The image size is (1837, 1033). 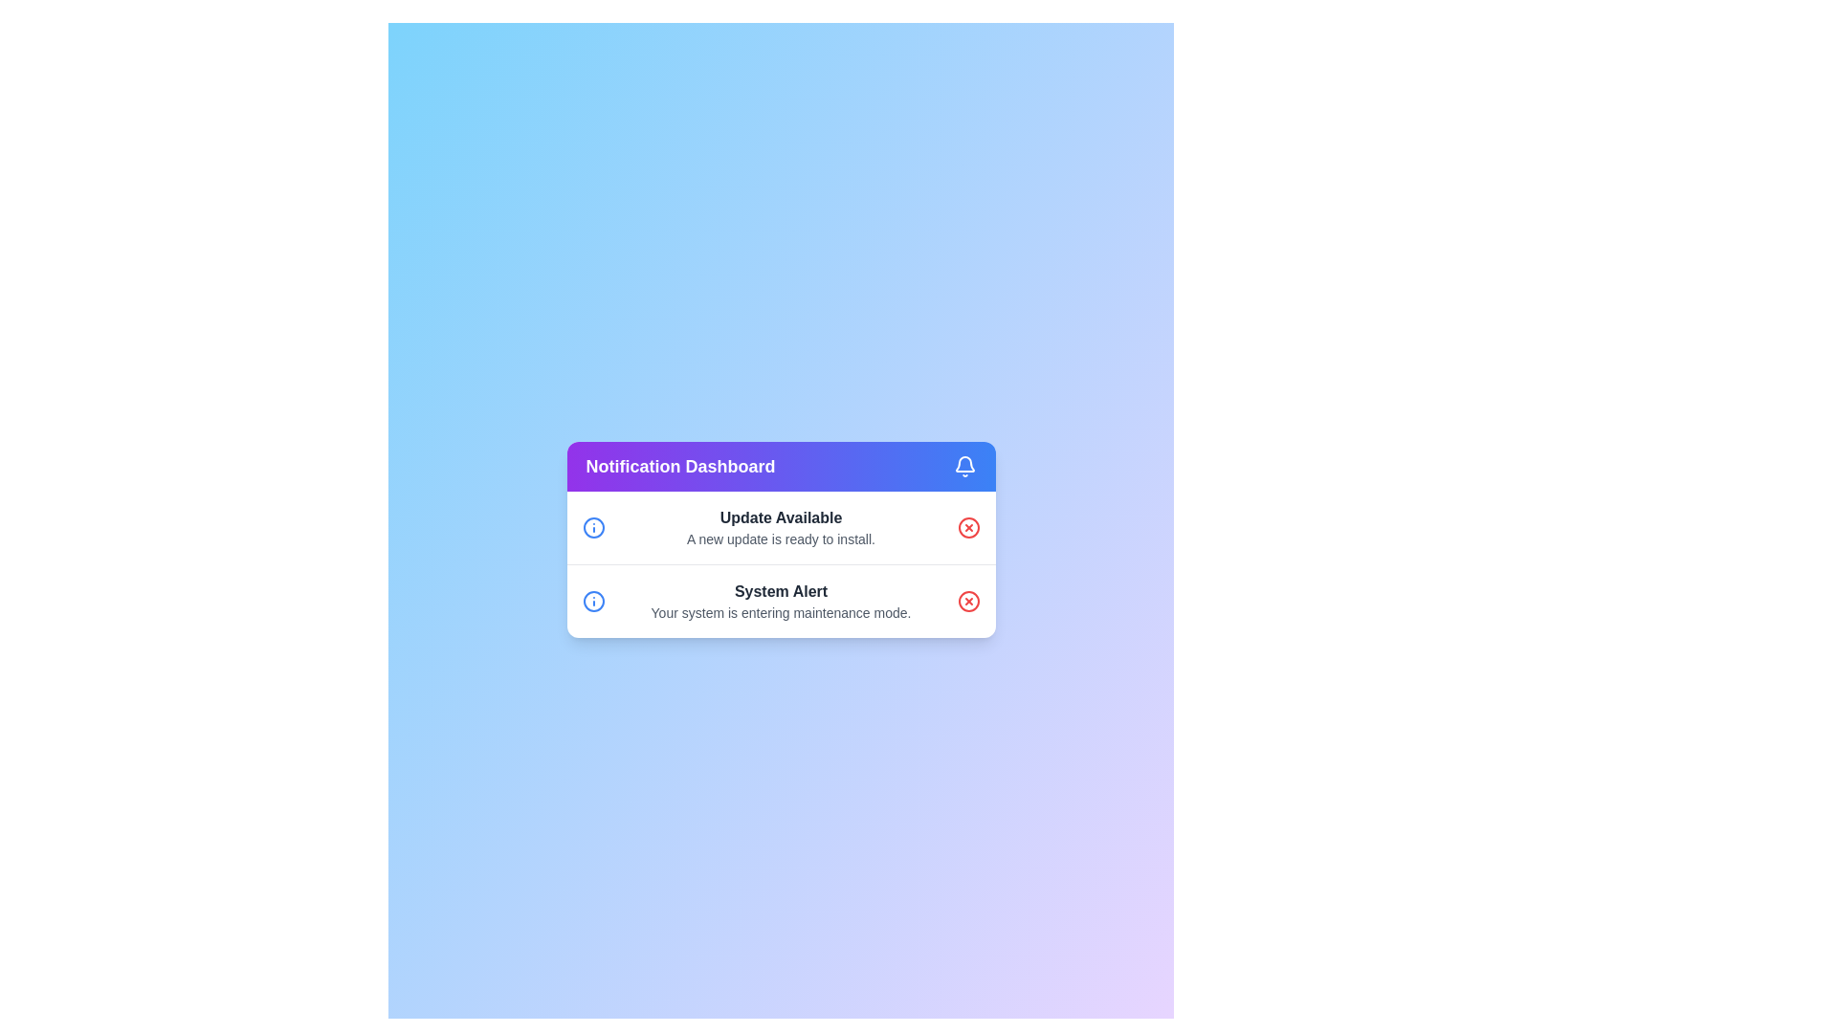 What do you see at coordinates (968, 600) in the screenshot?
I see `the circular outline element located next to the 'System Alert' notification entry in the notification dashboard interface` at bounding box center [968, 600].